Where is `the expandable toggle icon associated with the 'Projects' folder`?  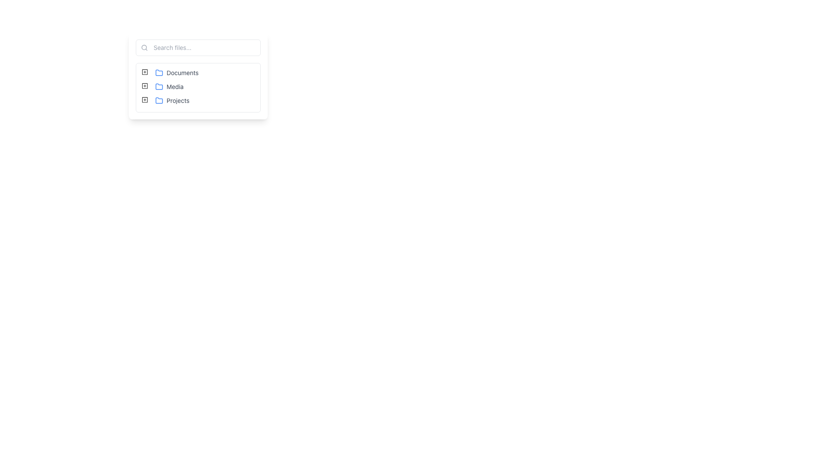 the expandable toggle icon associated with the 'Projects' folder is located at coordinates (145, 99).